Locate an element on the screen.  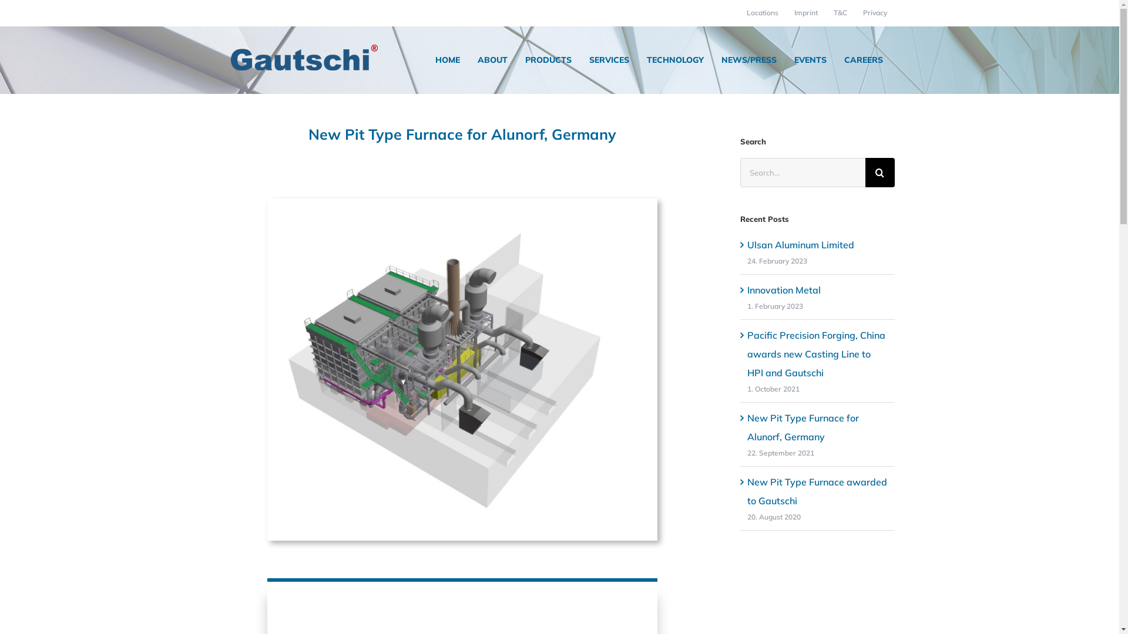
'TECHNOLOGY' is located at coordinates (674, 59).